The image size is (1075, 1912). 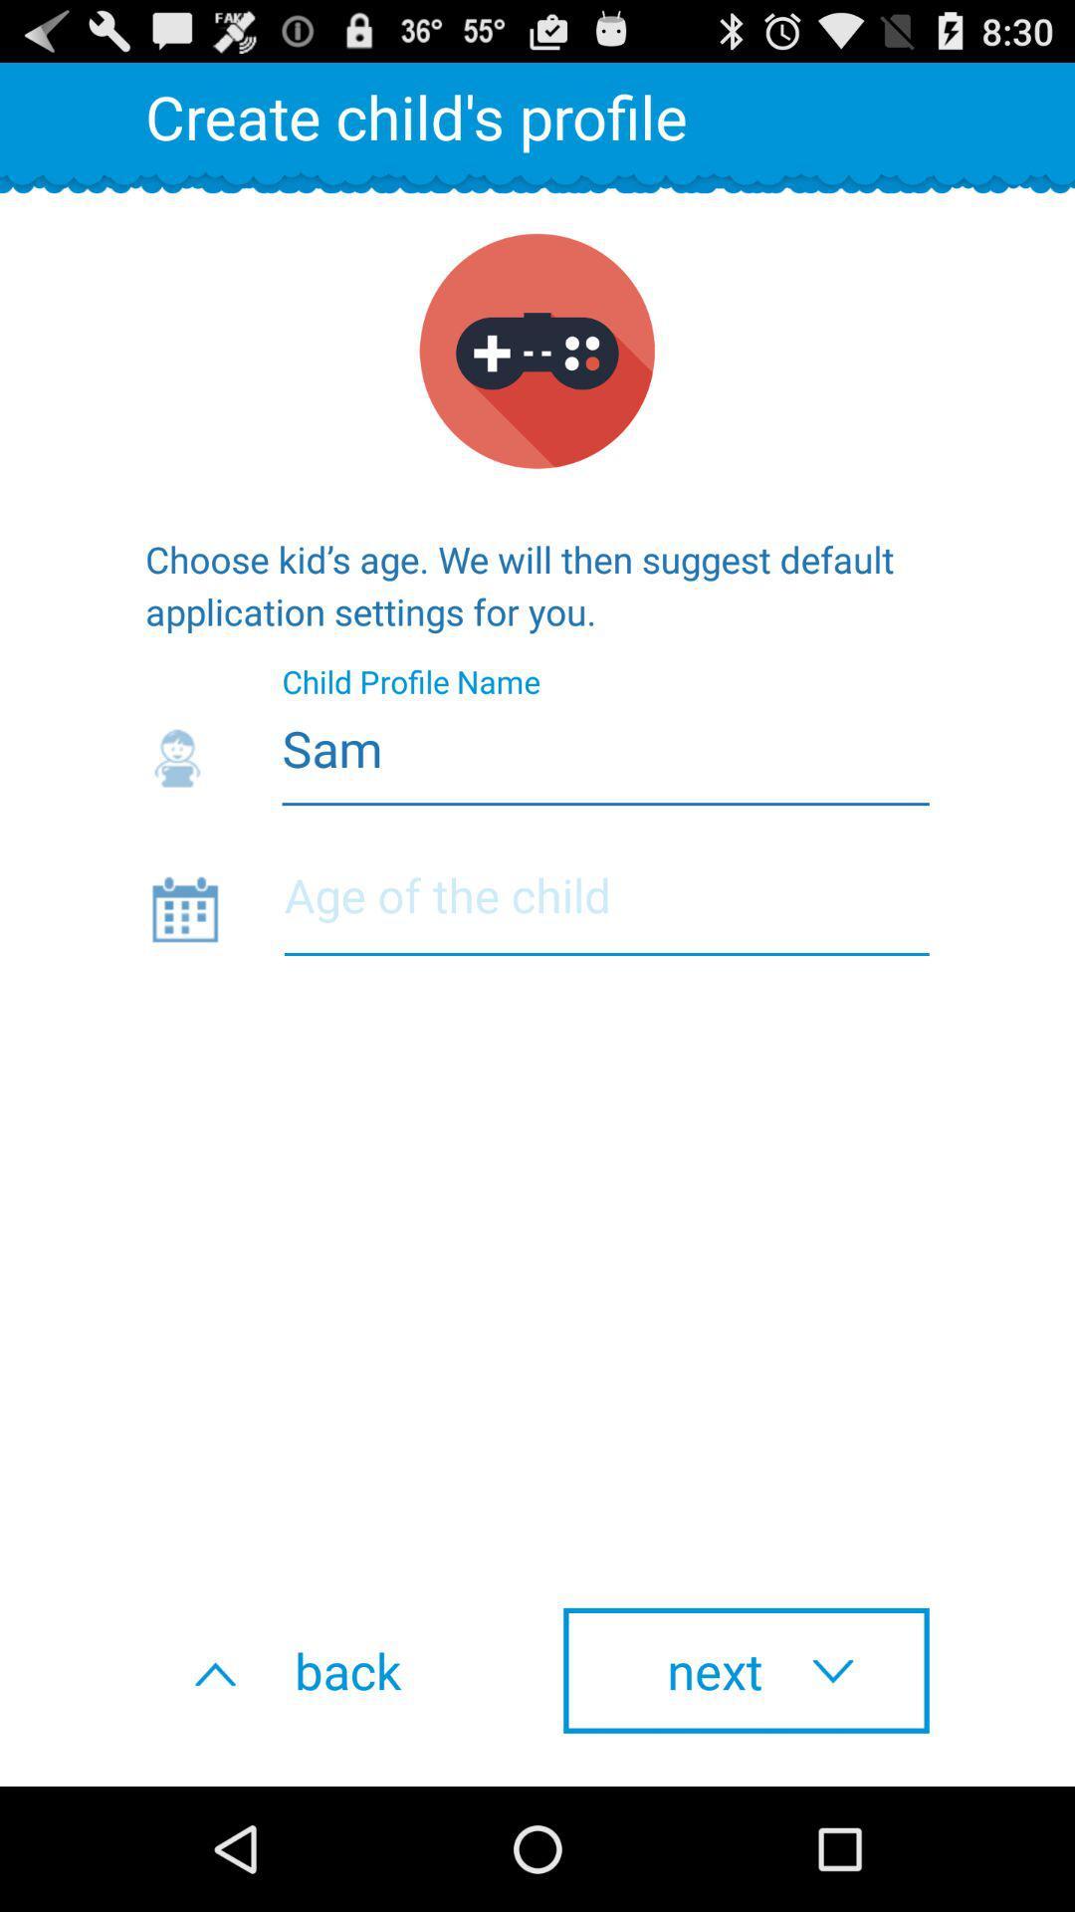 I want to click on the item below the sam icon, so click(x=605, y=907).